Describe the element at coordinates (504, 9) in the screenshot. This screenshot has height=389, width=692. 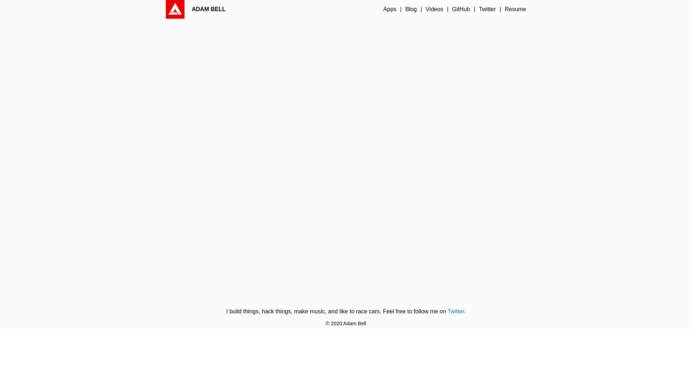
I see `'Resume'` at that location.